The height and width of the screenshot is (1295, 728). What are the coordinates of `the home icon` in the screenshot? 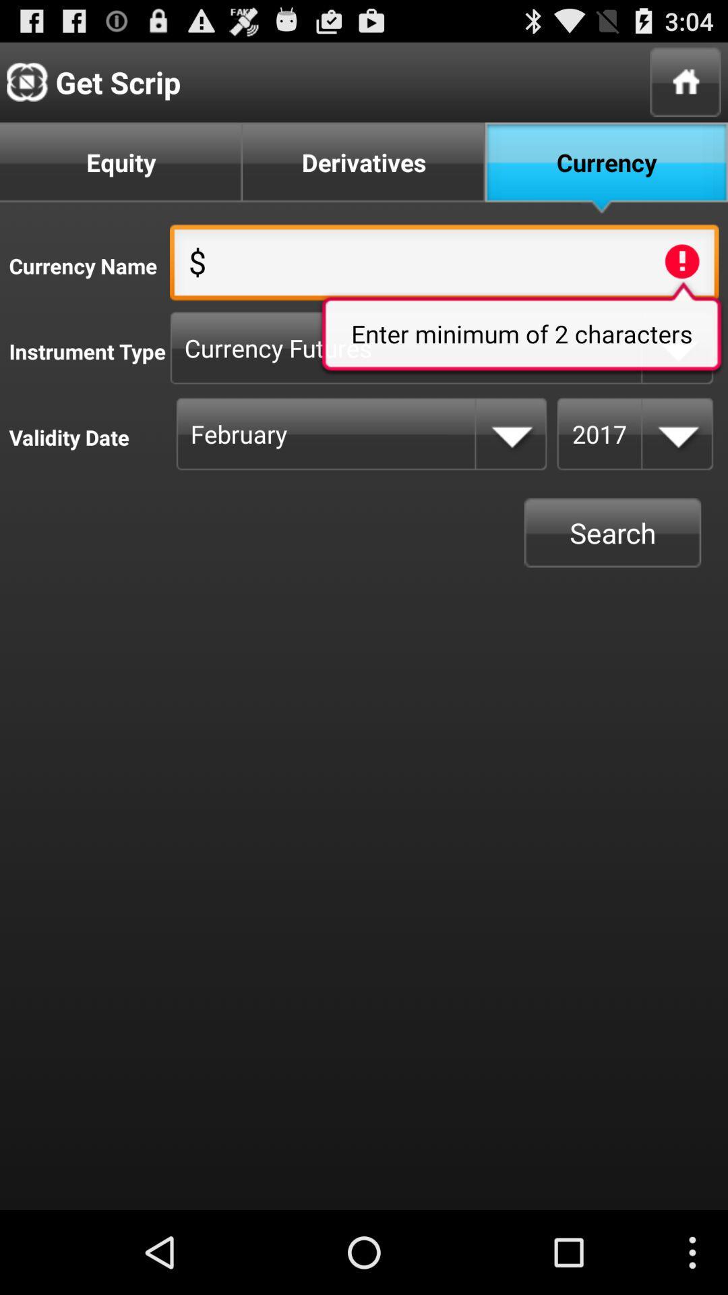 It's located at (686, 87).